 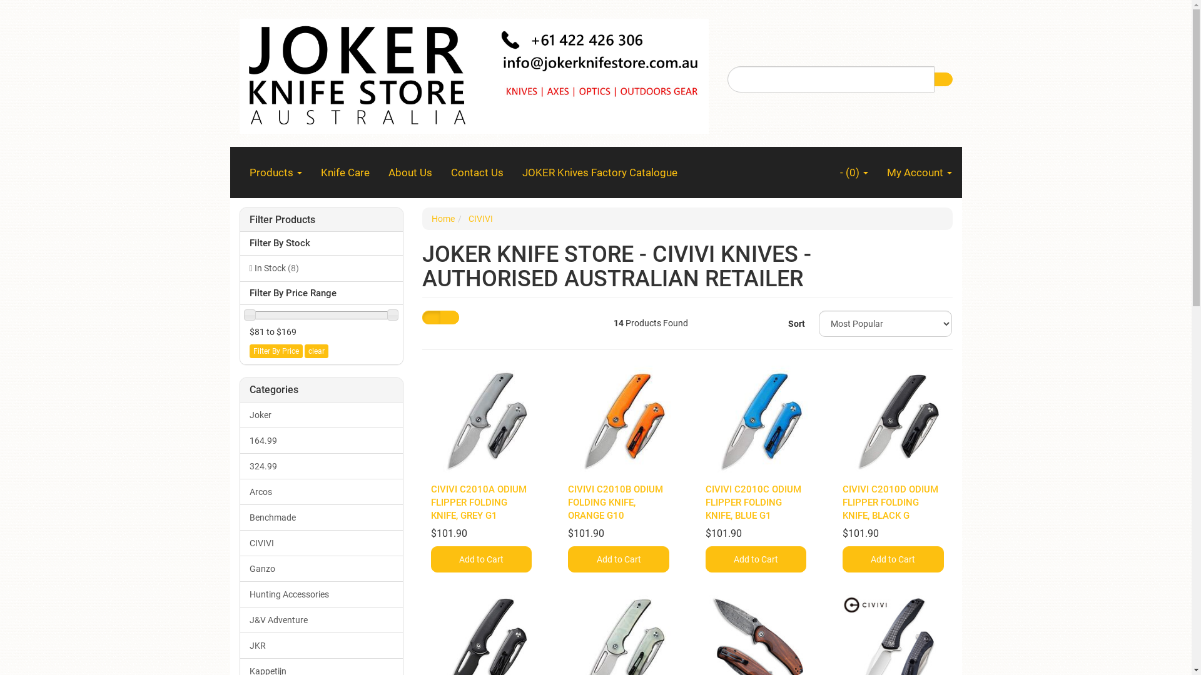 What do you see at coordinates (240, 172) in the screenshot?
I see `'Products'` at bounding box center [240, 172].